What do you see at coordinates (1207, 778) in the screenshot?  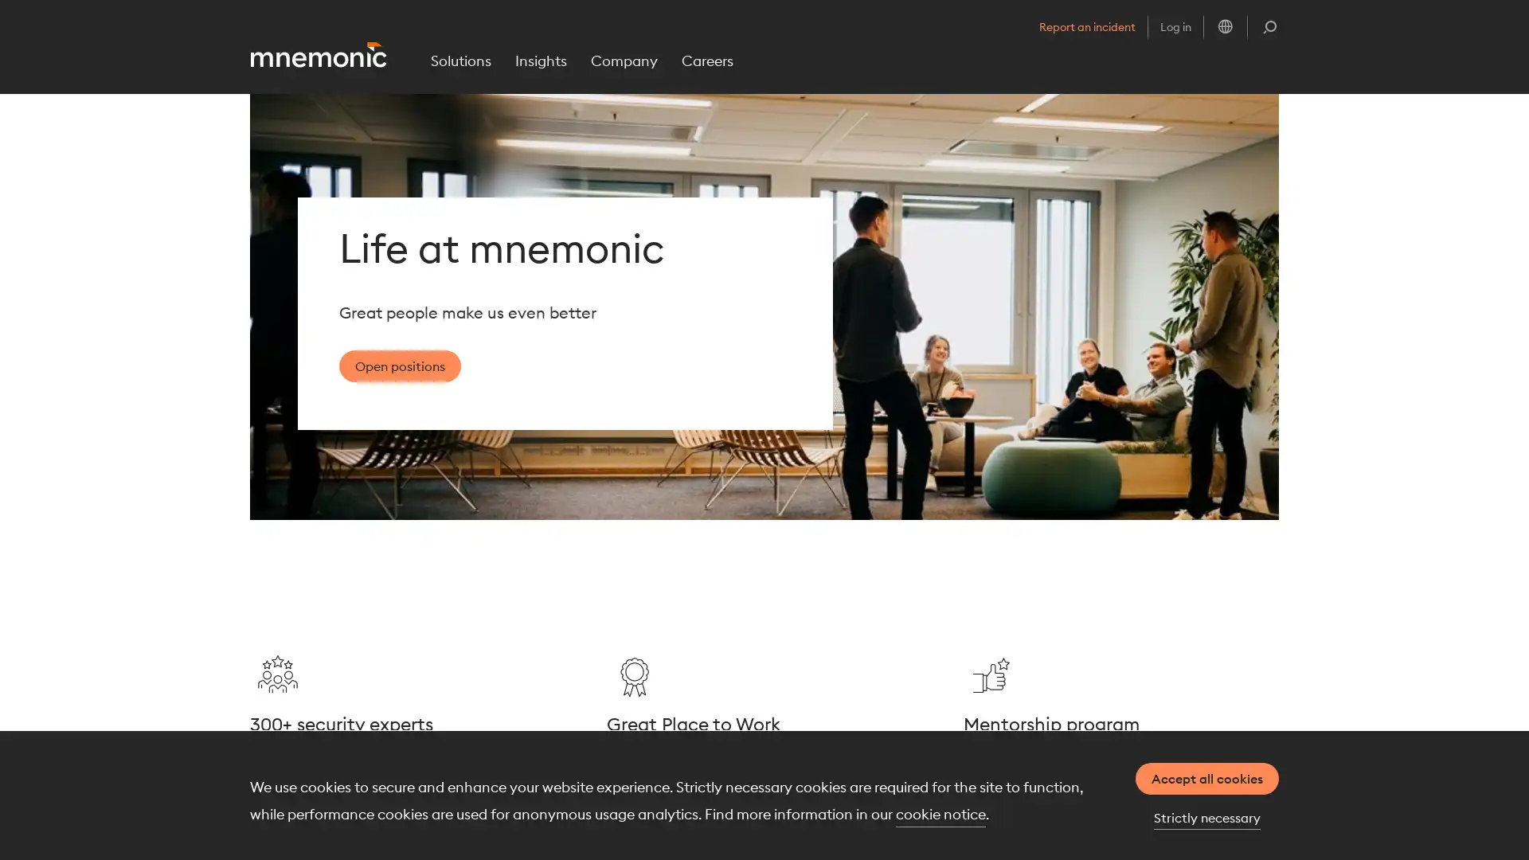 I see `Accept all cookies` at bounding box center [1207, 778].